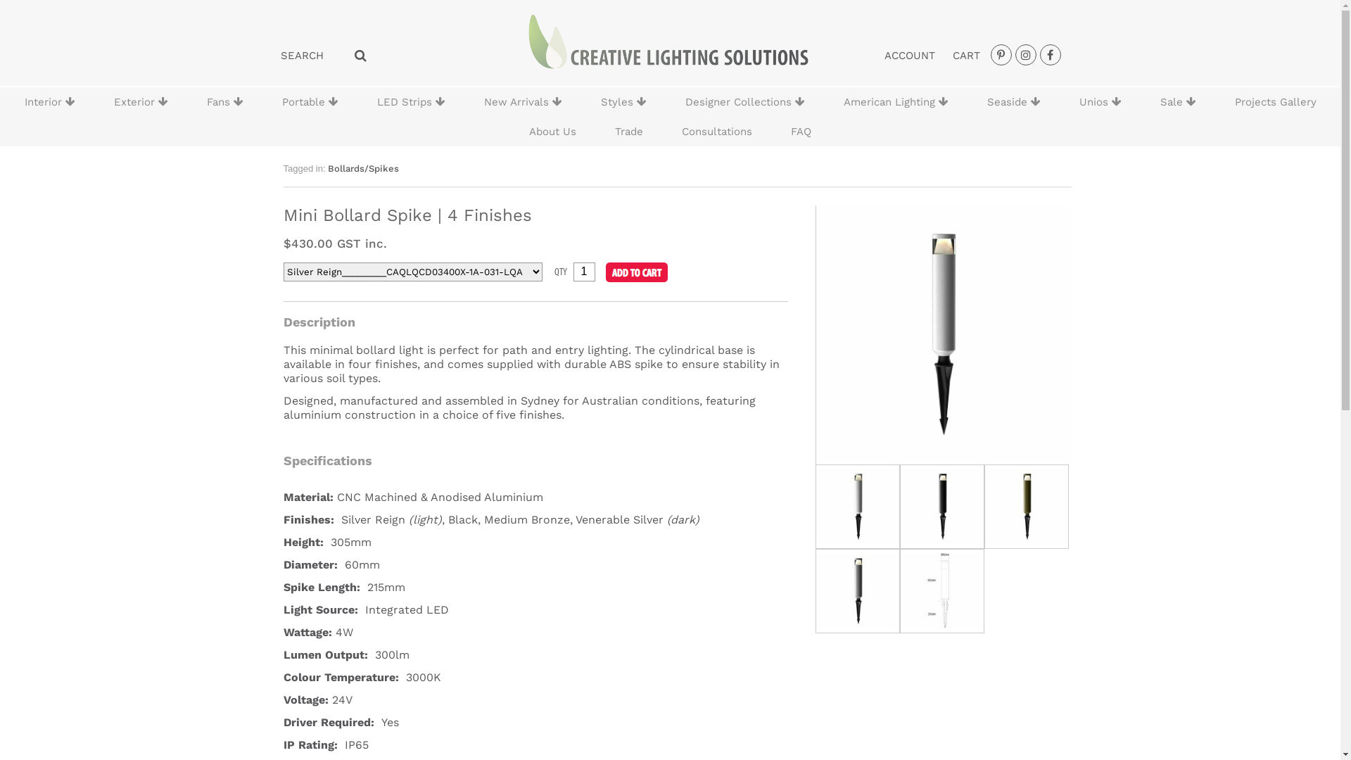 The width and height of the screenshot is (1351, 760). What do you see at coordinates (140, 101) in the screenshot?
I see `'Exterior'` at bounding box center [140, 101].